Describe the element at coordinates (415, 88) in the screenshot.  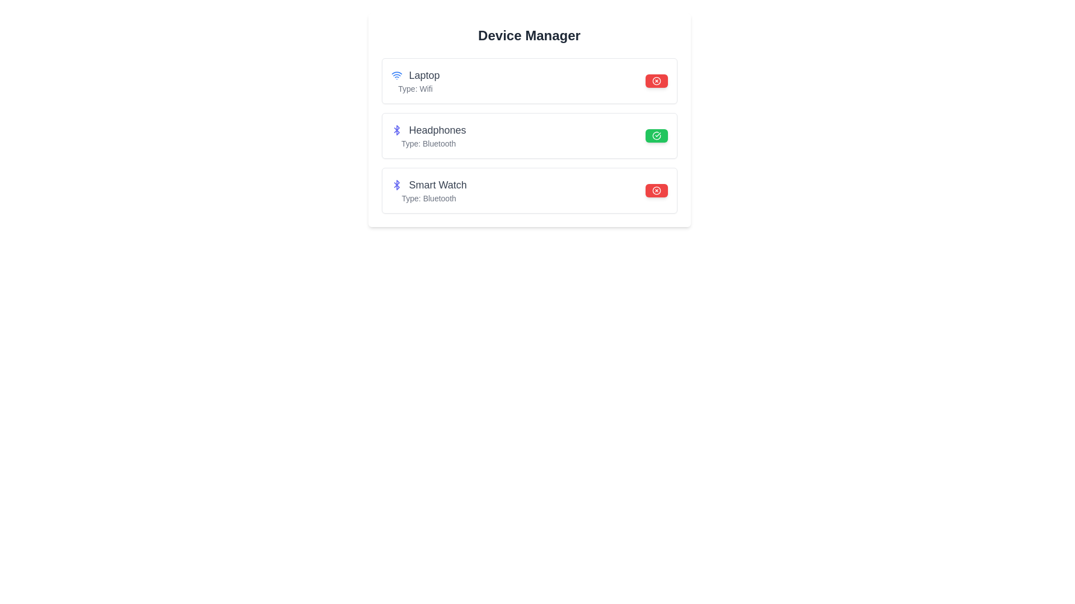
I see `text label displaying 'Type: Wifi' which is styled in small gray font and is located as the second line under the title 'Laptop' in the first list item` at that location.